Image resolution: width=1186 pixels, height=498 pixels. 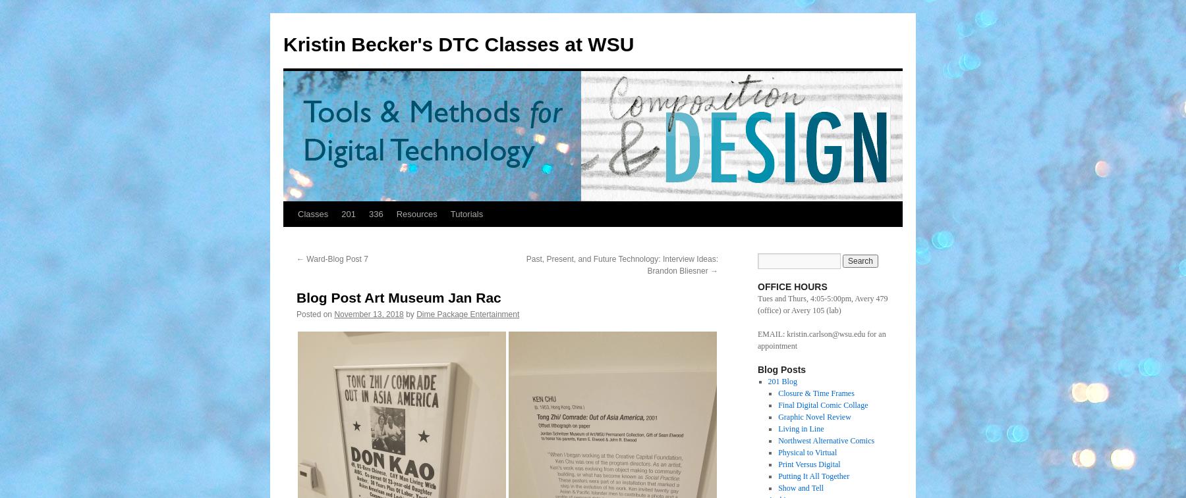 I want to click on 'EMAIL: kristin.carlson@wsu.edu for an appointment', so click(x=822, y=340).